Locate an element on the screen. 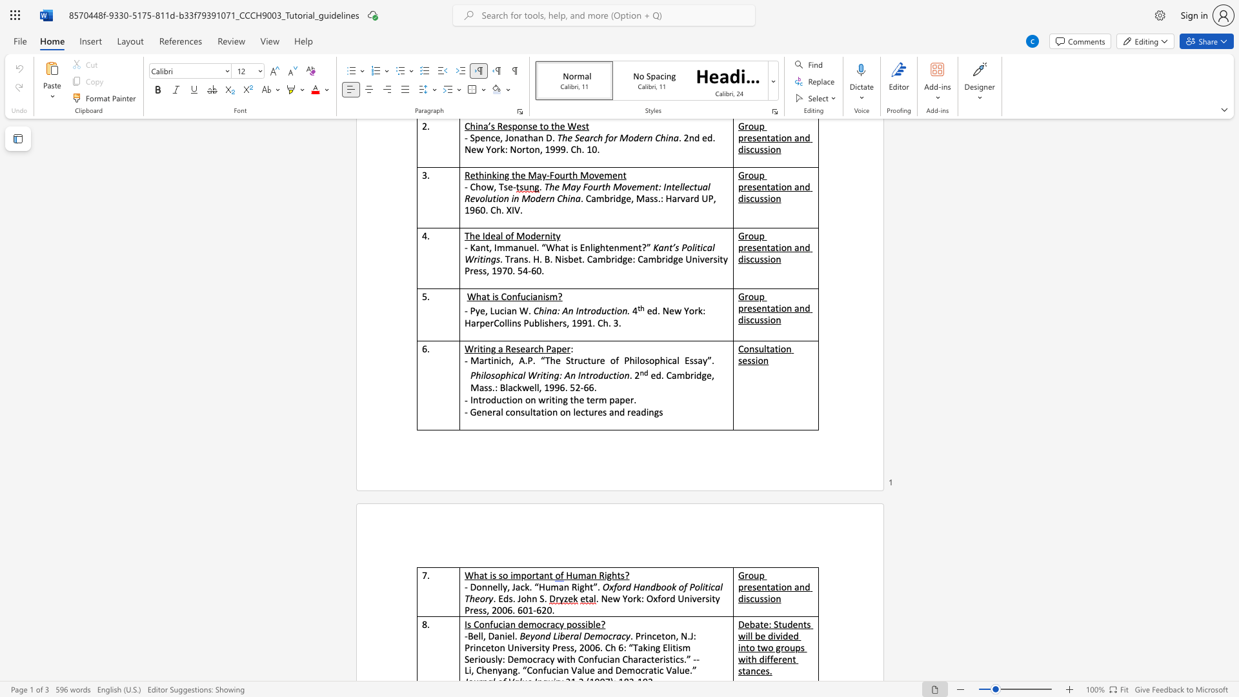 This screenshot has height=697, width=1239. the subset text "n Ri" within the text "Human Rights?" is located at coordinates (590, 574).